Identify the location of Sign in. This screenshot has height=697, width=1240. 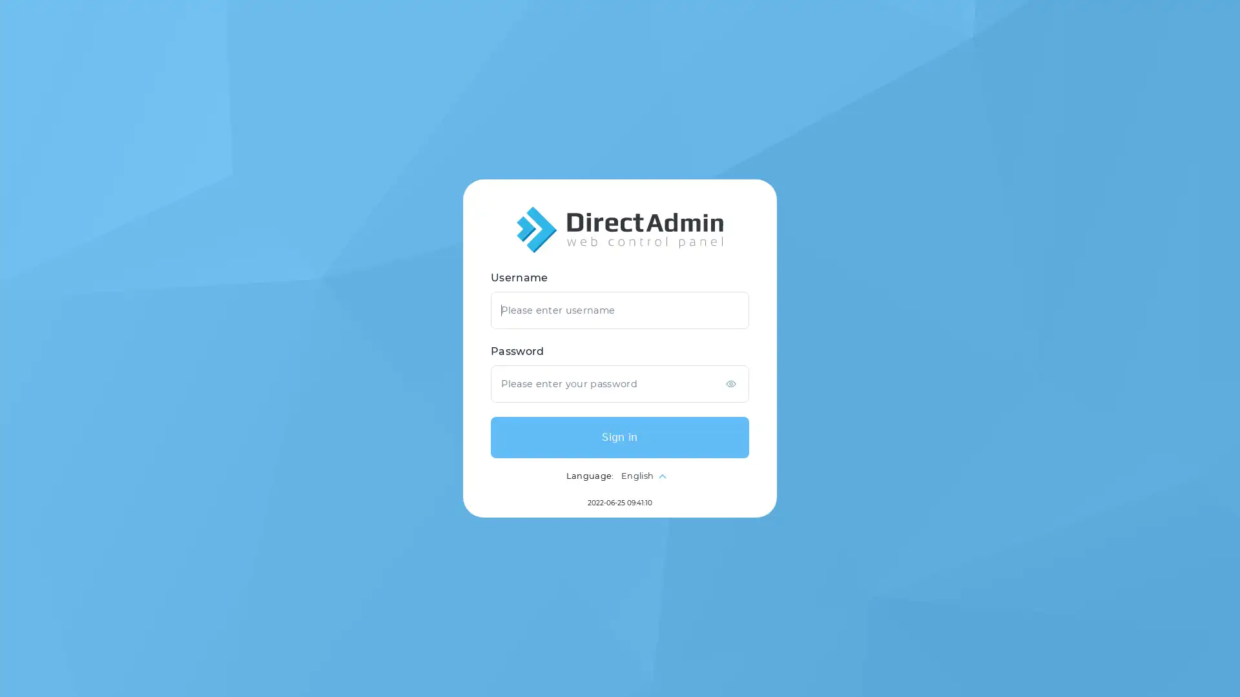
(775, 547).